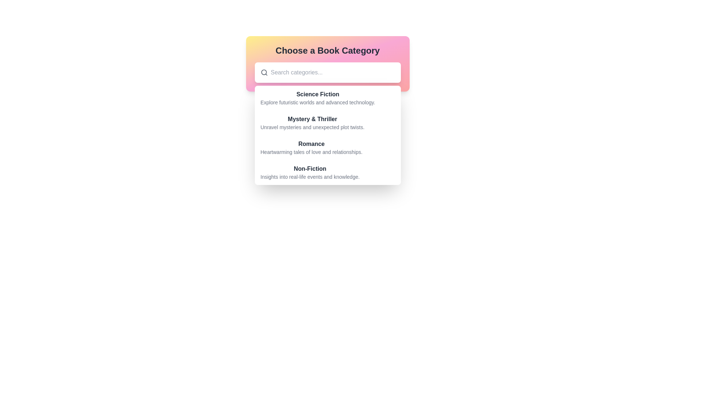 Image resolution: width=701 pixels, height=394 pixels. Describe the element at coordinates (264, 73) in the screenshot. I see `the magnifying glass icon located inside the white rounded rectangular area on the left side of the 'Search categories...' text input field` at that location.